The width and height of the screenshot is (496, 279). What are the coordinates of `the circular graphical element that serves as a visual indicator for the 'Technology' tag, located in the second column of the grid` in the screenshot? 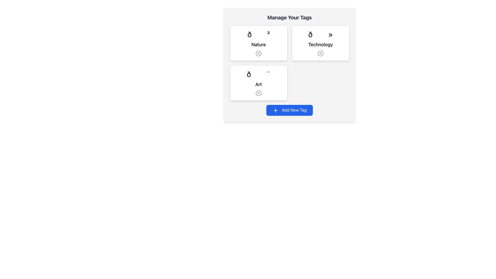 It's located at (320, 53).